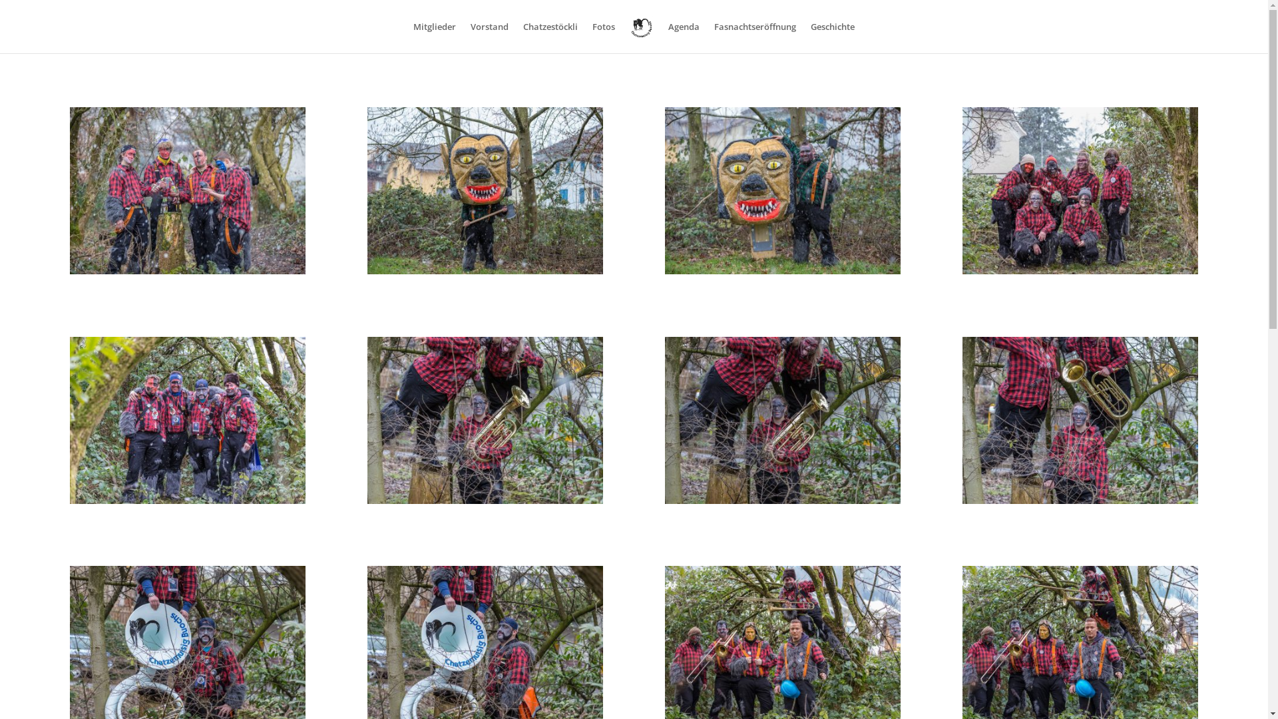  I want to click on 'Mitglieder', so click(434, 37).